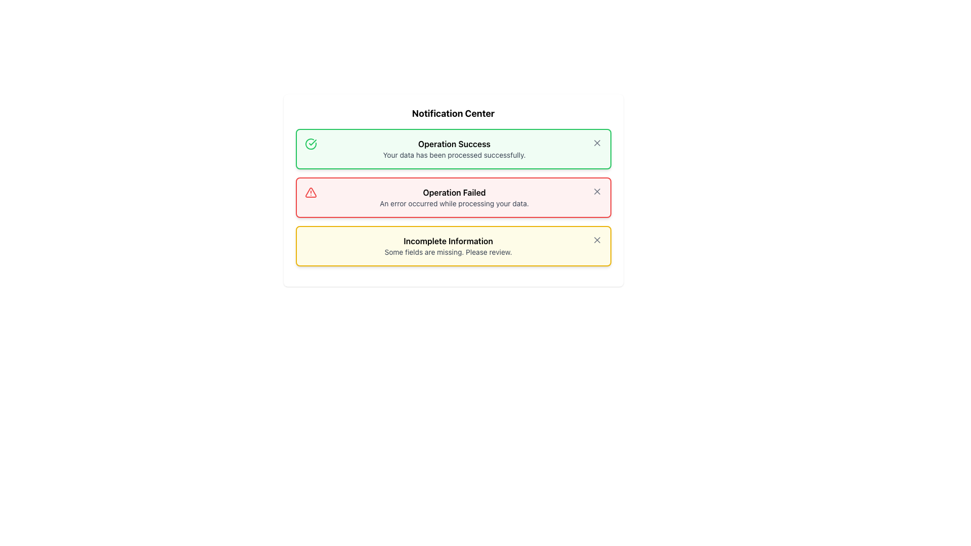  Describe the element at coordinates (597, 143) in the screenshot. I see `the 'X' icon in the top-right corner of the 'Operation Success' notification` at that location.